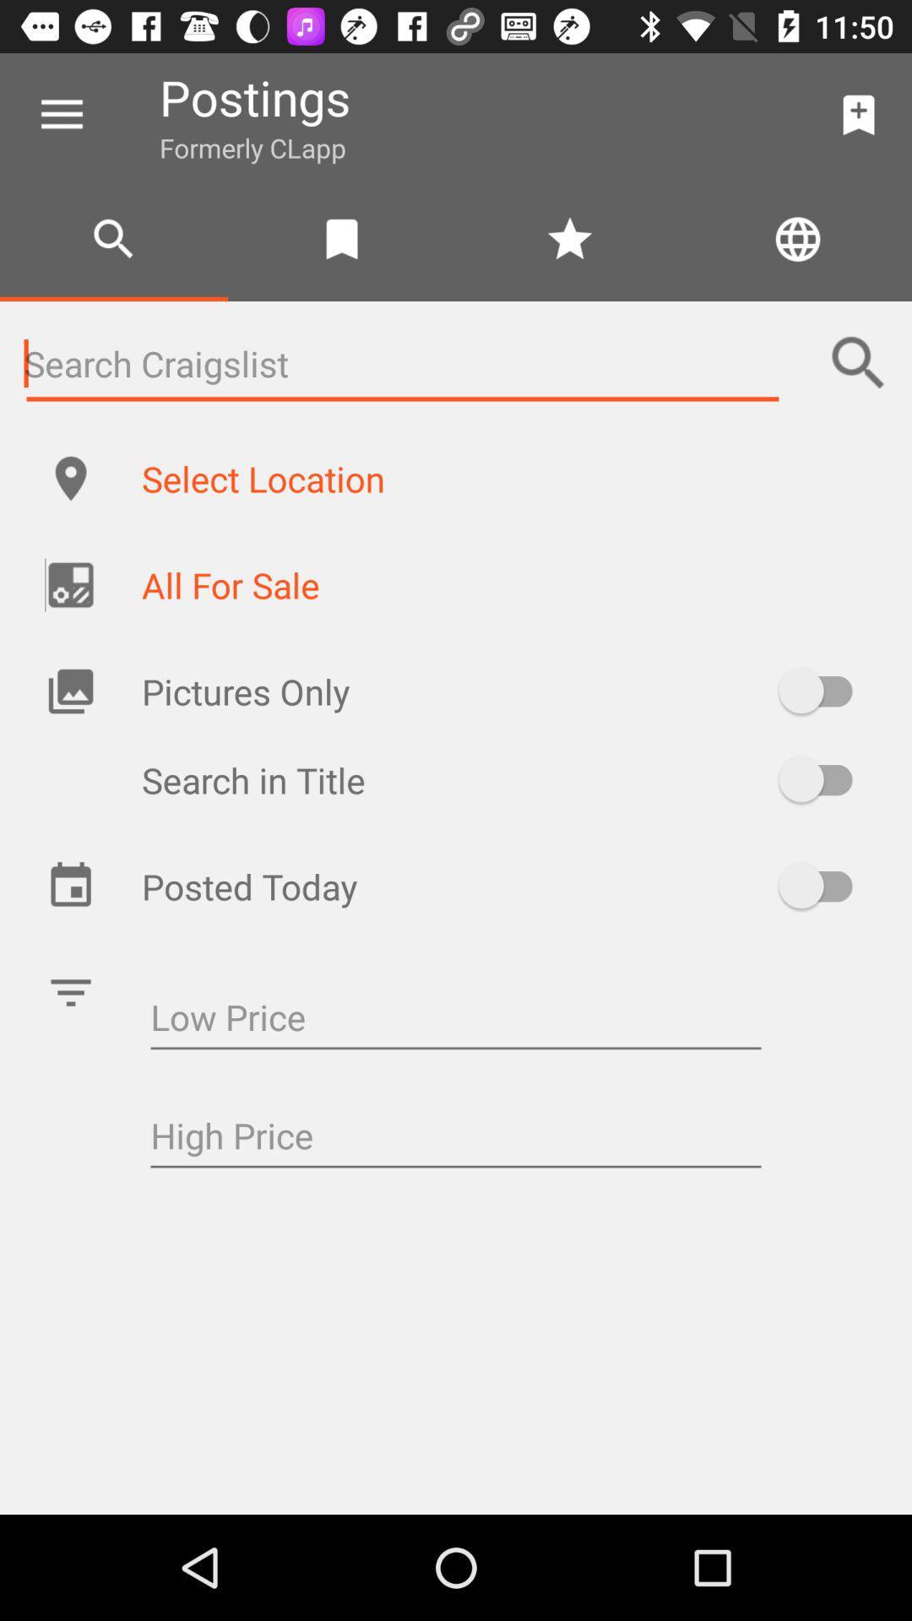 Image resolution: width=912 pixels, height=1621 pixels. Describe the element at coordinates (403, 362) in the screenshot. I see `search craigslist postings` at that location.